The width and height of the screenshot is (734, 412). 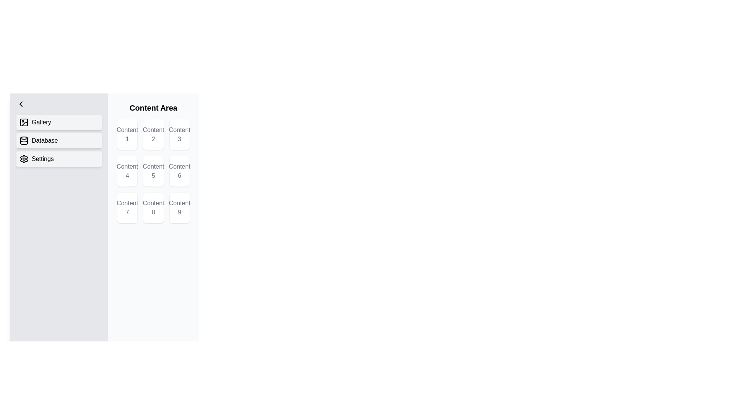 What do you see at coordinates (153, 134) in the screenshot?
I see `the card in the grid's first row and second column that displays content related to 'Content 2'` at bounding box center [153, 134].